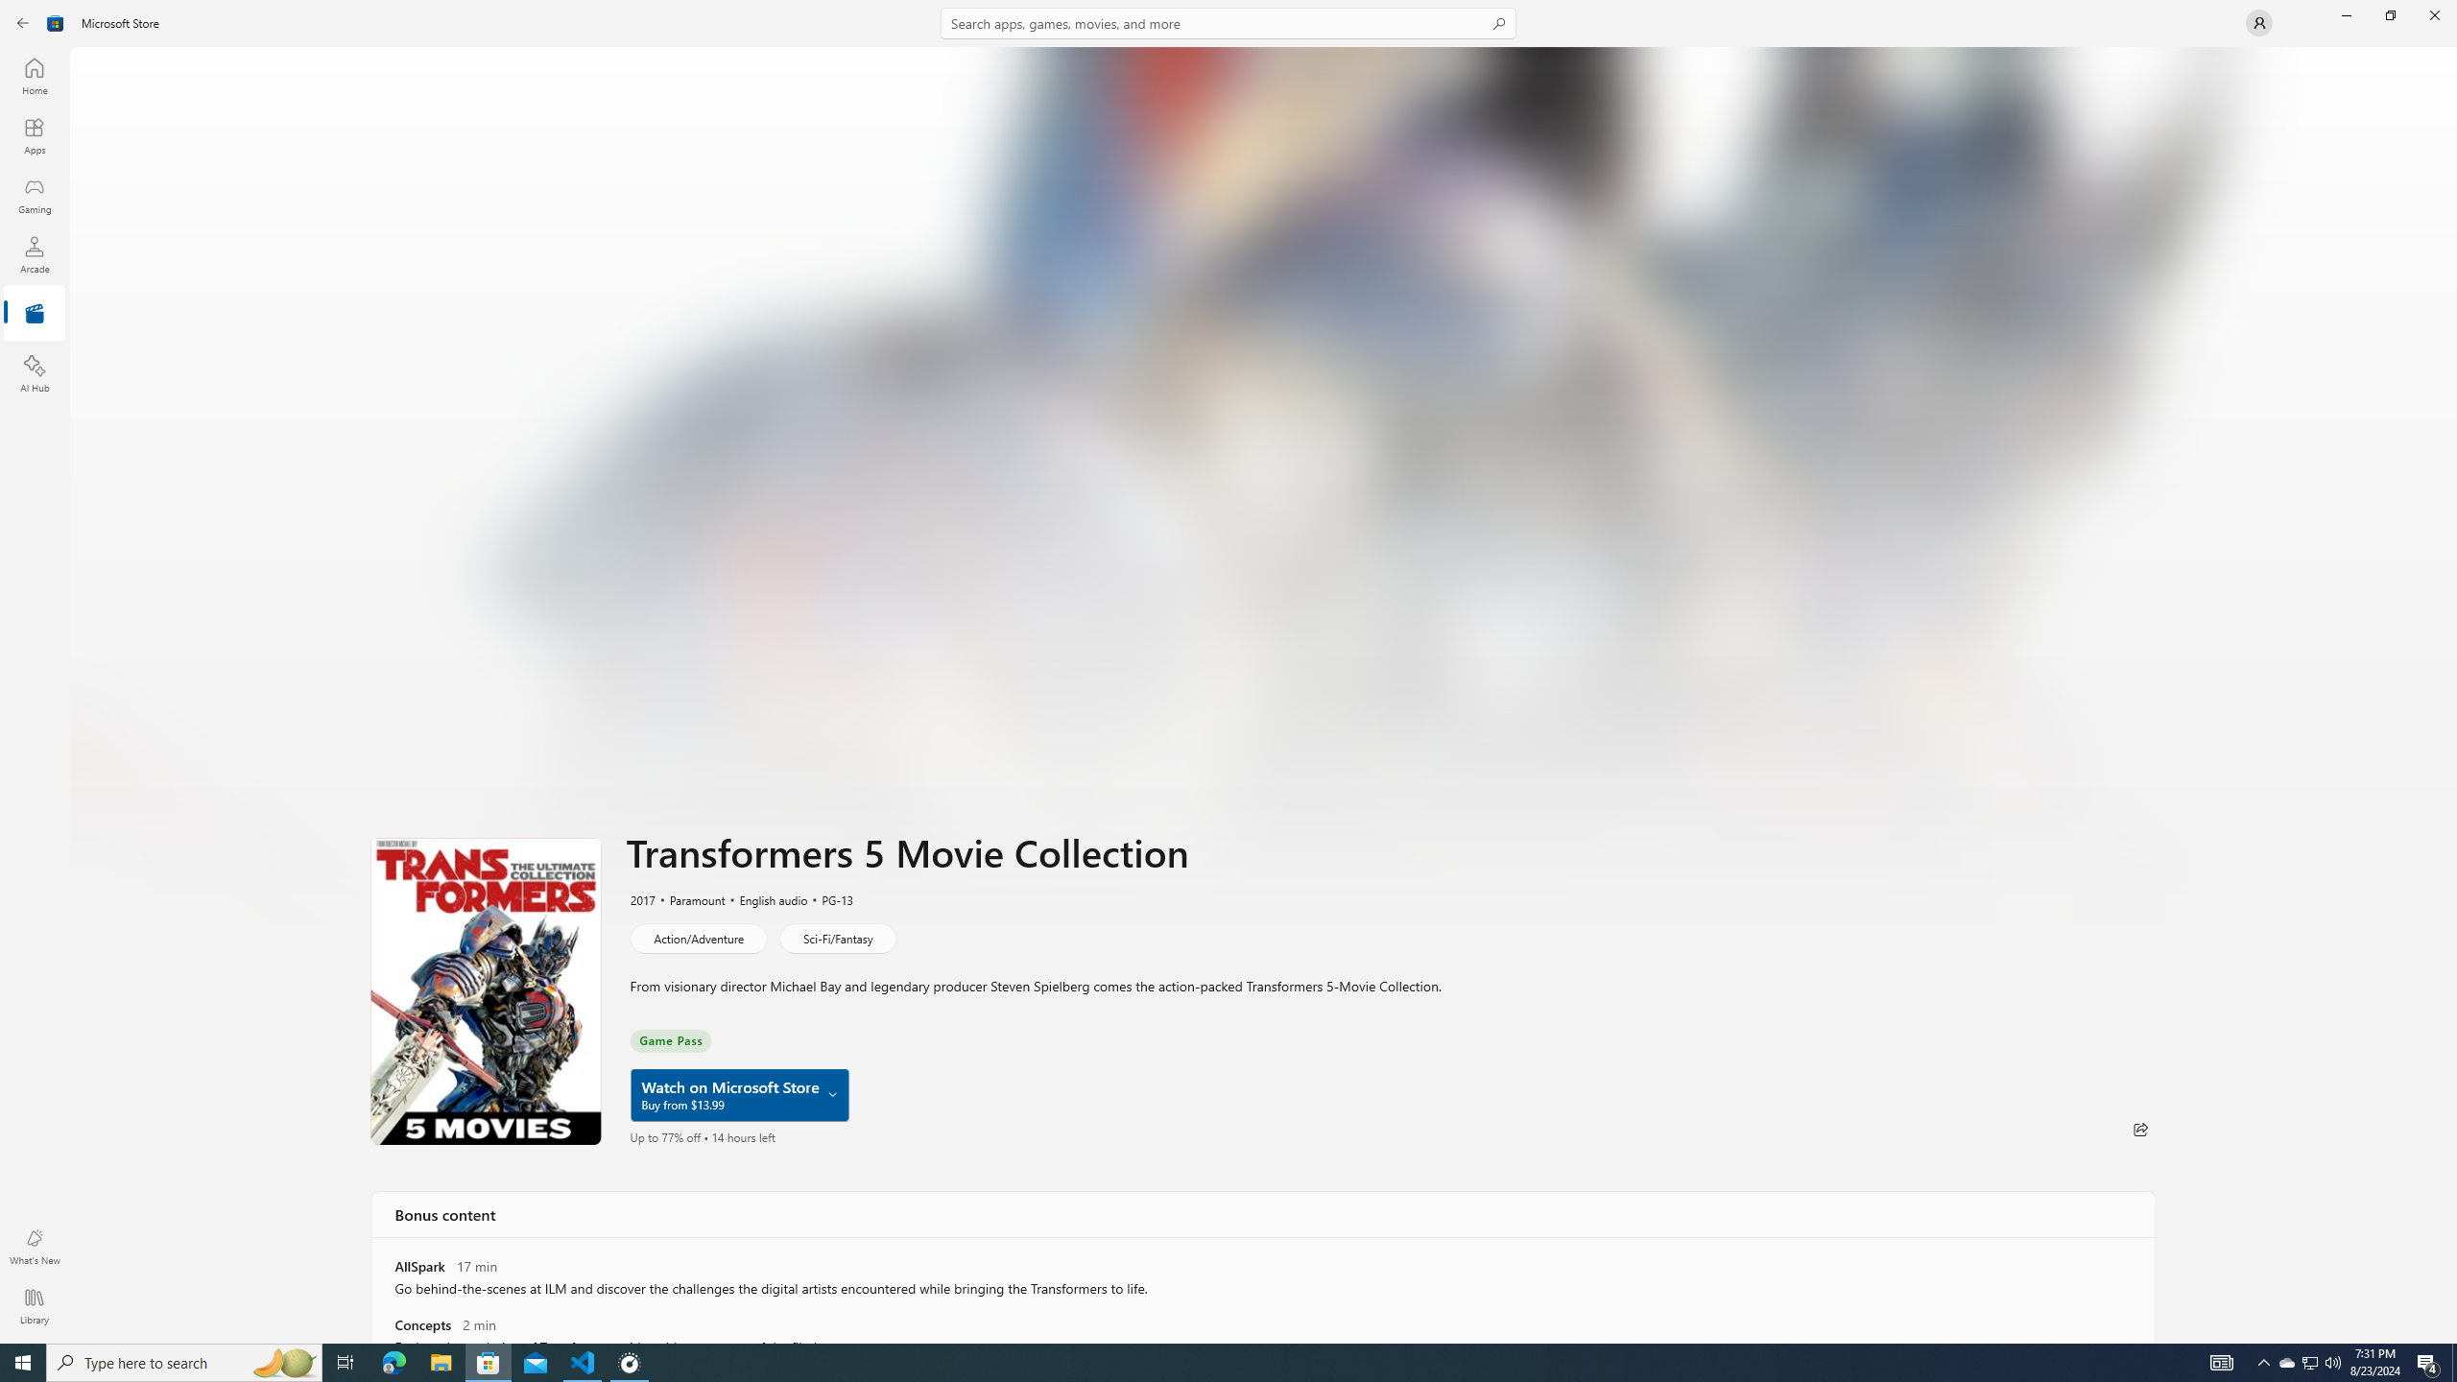 This screenshot has width=2457, height=1382. Describe the element at coordinates (1228, 22) in the screenshot. I see `'Search'` at that location.